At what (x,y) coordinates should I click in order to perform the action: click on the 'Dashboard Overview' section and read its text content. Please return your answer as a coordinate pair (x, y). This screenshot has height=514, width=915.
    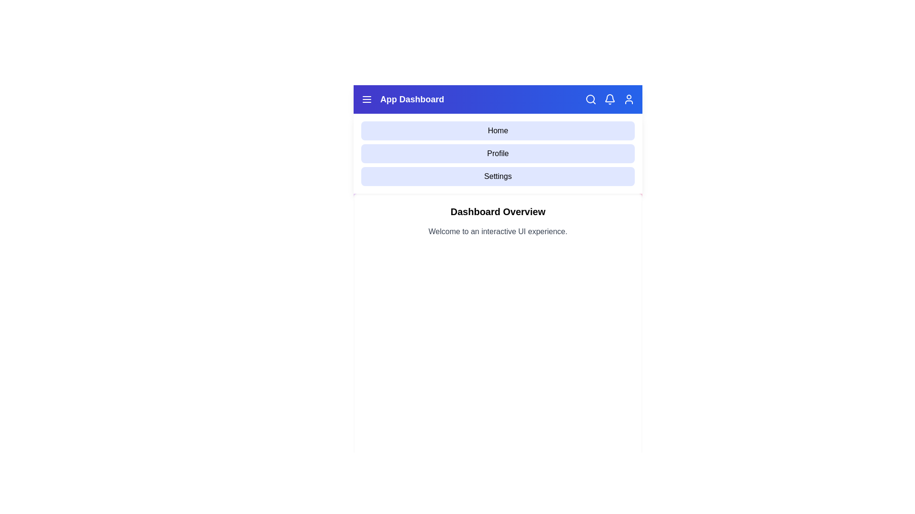
    Looking at the image, I should click on (498, 211).